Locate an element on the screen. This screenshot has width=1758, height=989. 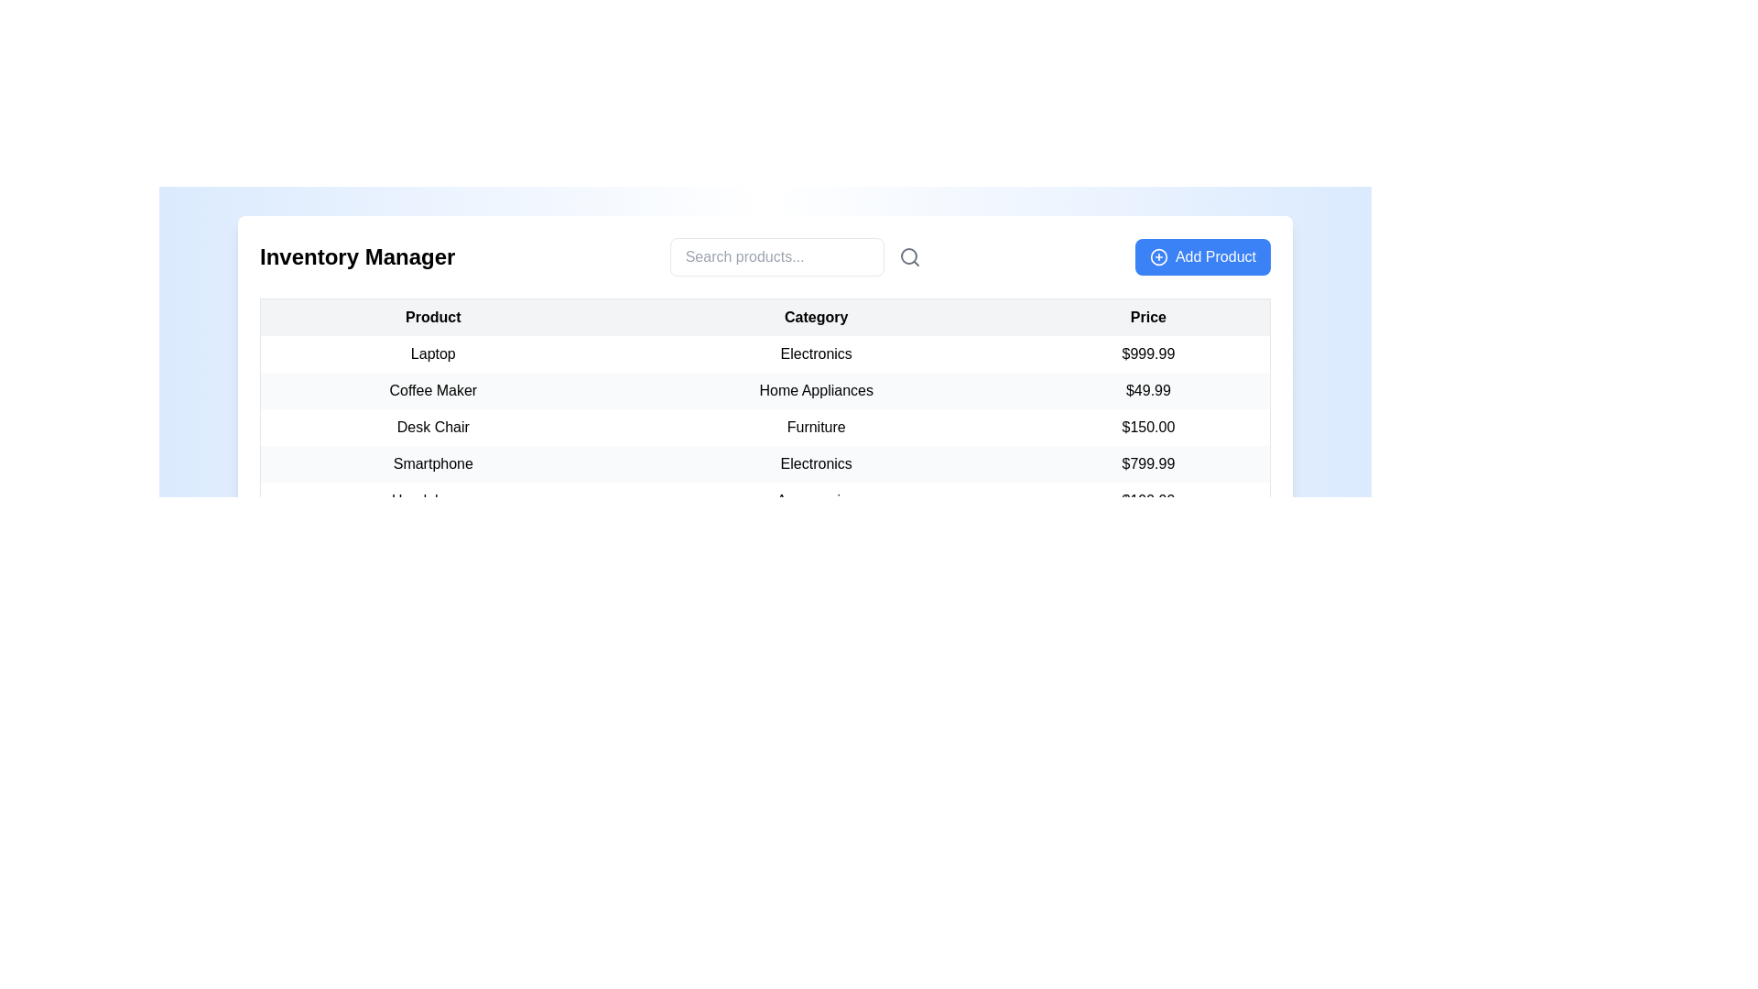
the text label displaying the price '$49.99' in the 'Price' column of the table is located at coordinates (1147, 390).